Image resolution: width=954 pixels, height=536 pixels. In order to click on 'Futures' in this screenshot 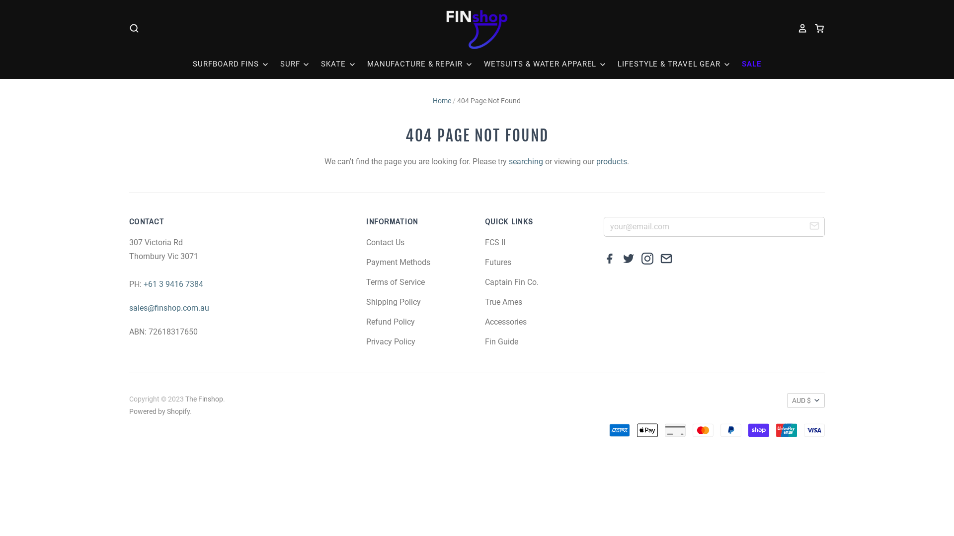, I will do `click(498, 262)`.